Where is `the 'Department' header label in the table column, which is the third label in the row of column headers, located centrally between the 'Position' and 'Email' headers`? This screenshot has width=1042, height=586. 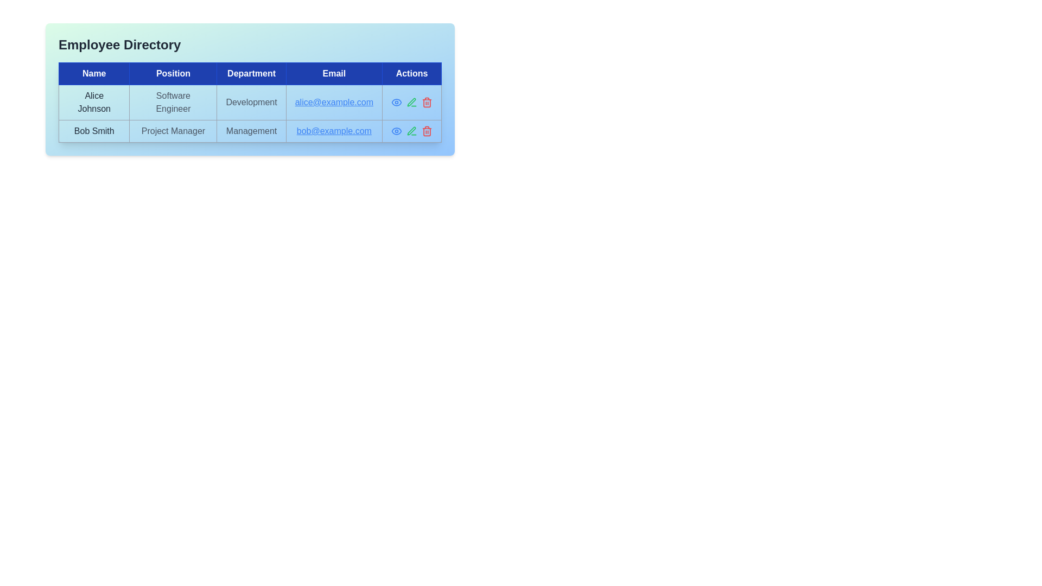
the 'Department' header label in the table column, which is the third label in the row of column headers, located centrally between the 'Position' and 'Email' headers is located at coordinates (251, 73).